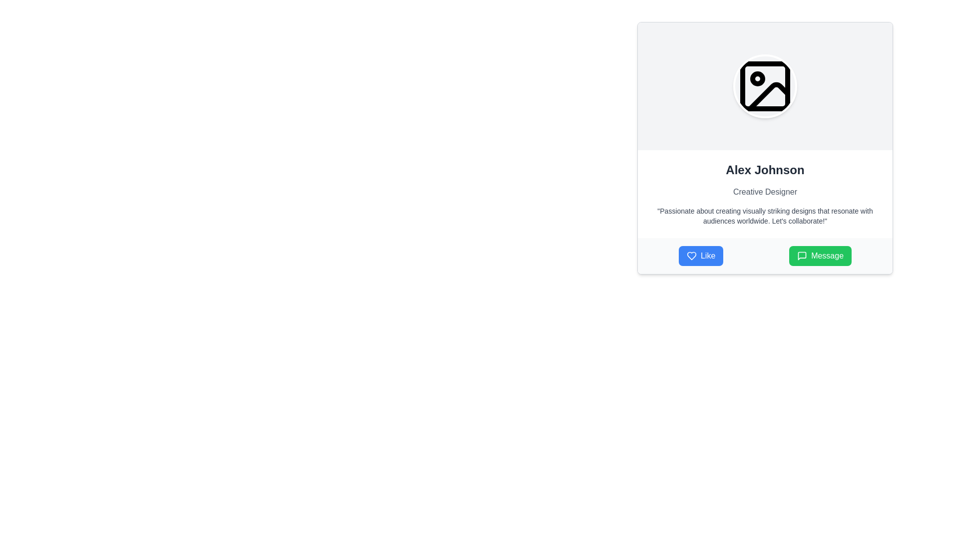 This screenshot has height=539, width=959. Describe the element at coordinates (764, 215) in the screenshot. I see `the motivational quote text block located below 'Creative Designer' and above the 'Like' and 'Message' buttons in the profile card layout` at that location.